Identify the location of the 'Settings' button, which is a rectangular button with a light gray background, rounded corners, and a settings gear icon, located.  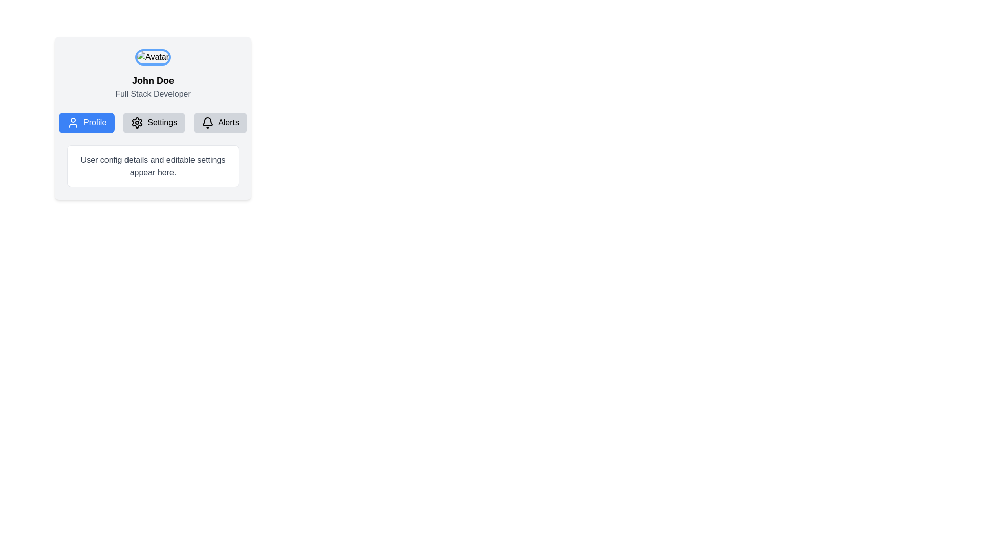
(152, 118).